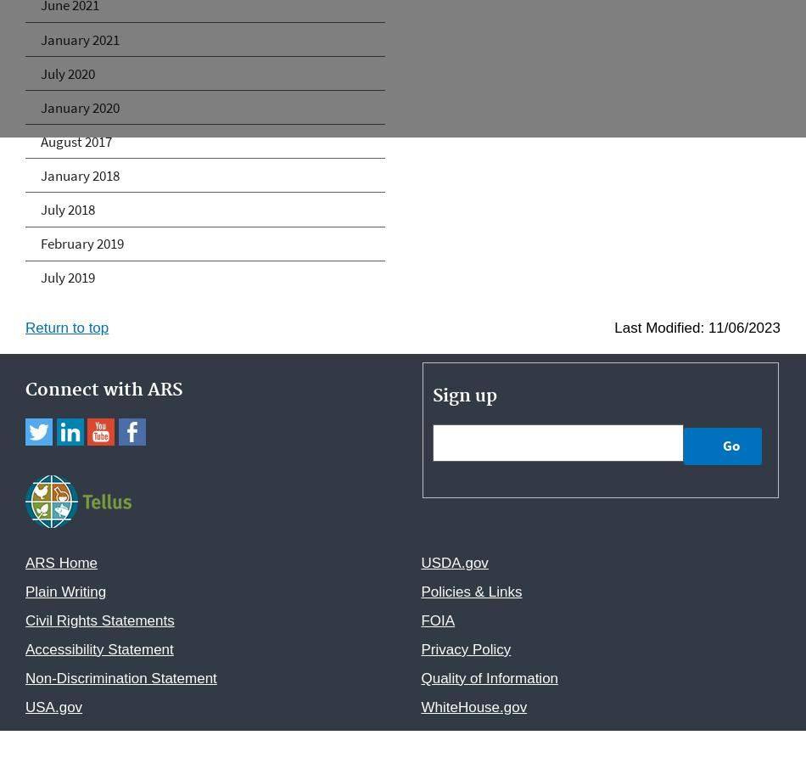  Describe the element at coordinates (81, 243) in the screenshot. I see `'February 2019'` at that location.